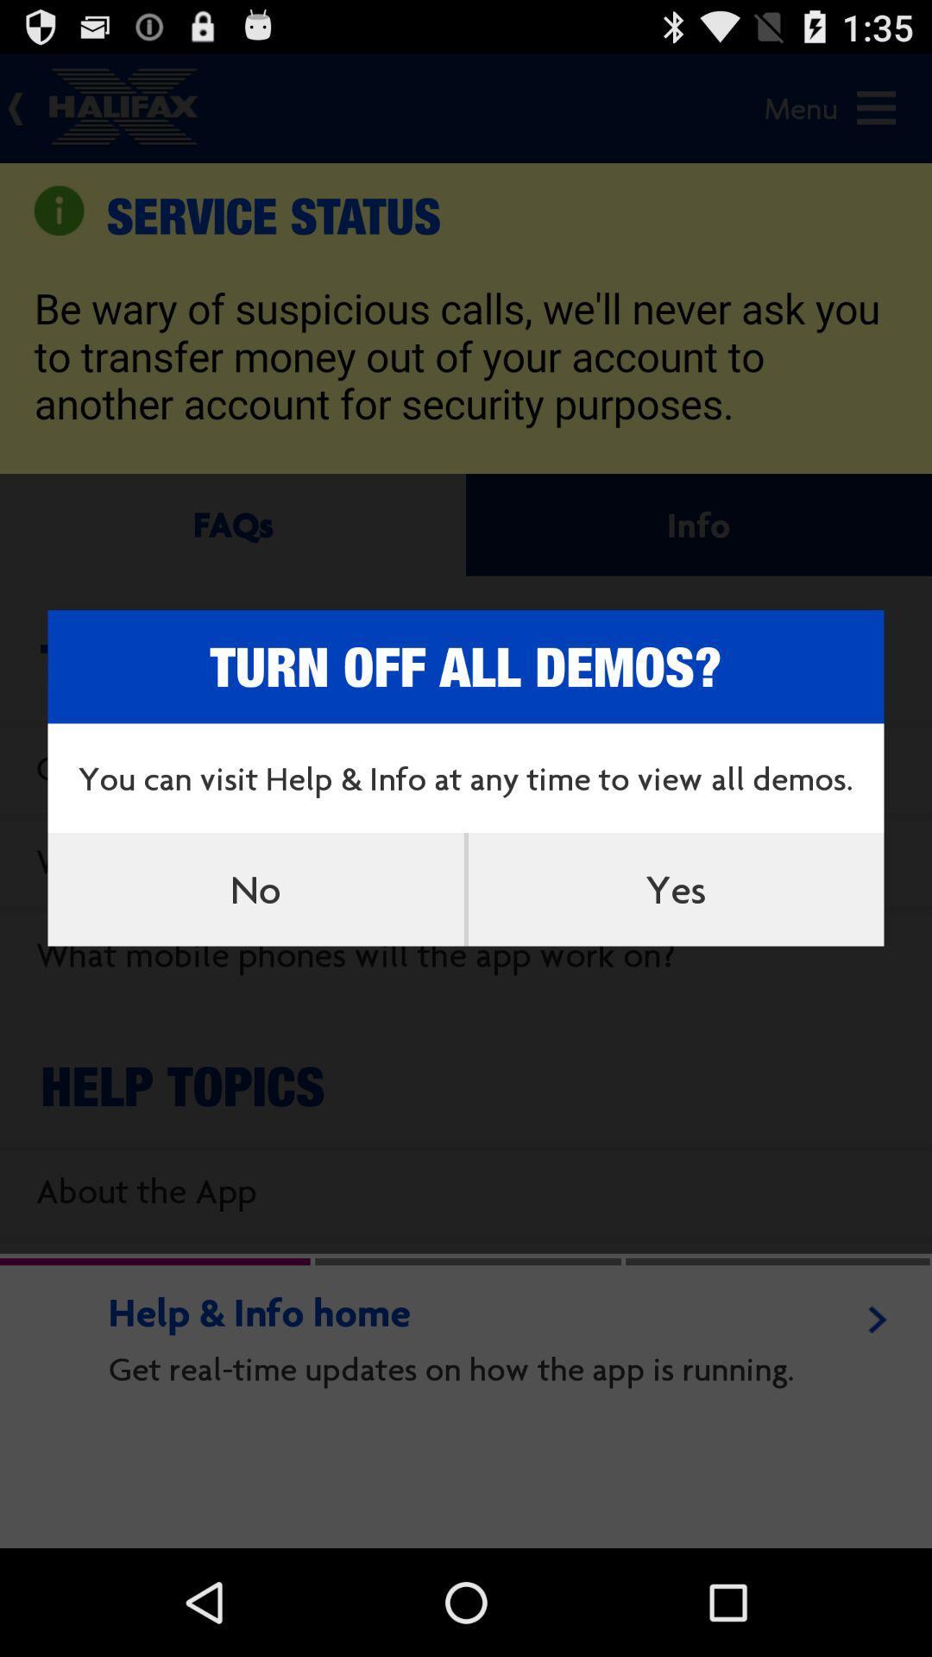  What do you see at coordinates (255, 889) in the screenshot?
I see `icon below the you can visit item` at bounding box center [255, 889].